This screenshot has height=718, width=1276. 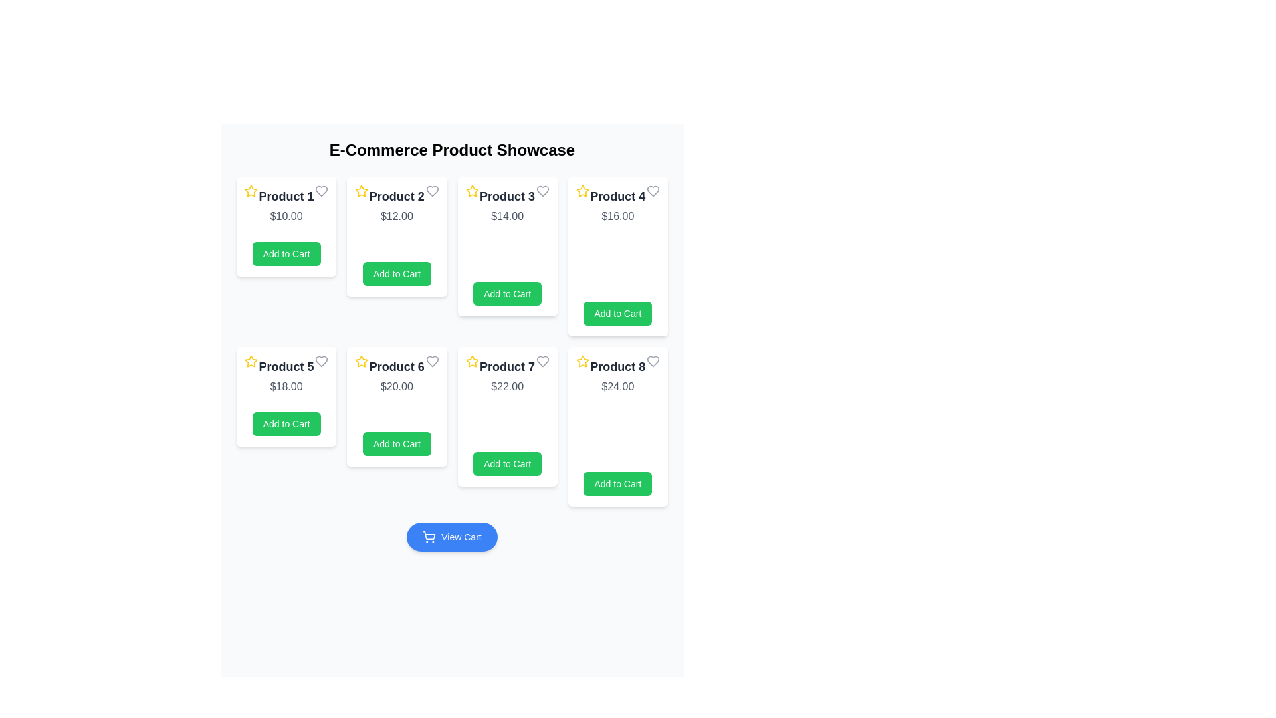 What do you see at coordinates (362, 191) in the screenshot?
I see `the star icon with a yellow outline located in the card for Product 2` at bounding box center [362, 191].